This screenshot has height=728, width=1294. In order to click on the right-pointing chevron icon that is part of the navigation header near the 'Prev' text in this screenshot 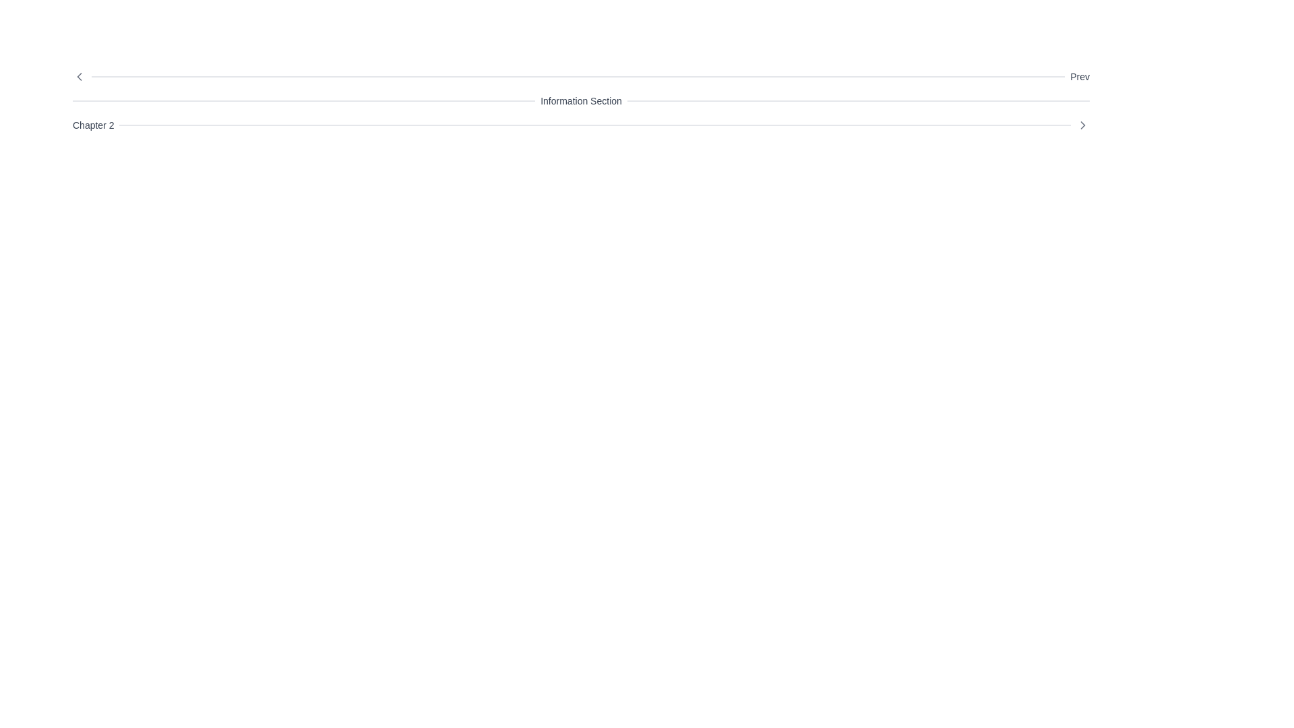, I will do `click(1083, 125)`.